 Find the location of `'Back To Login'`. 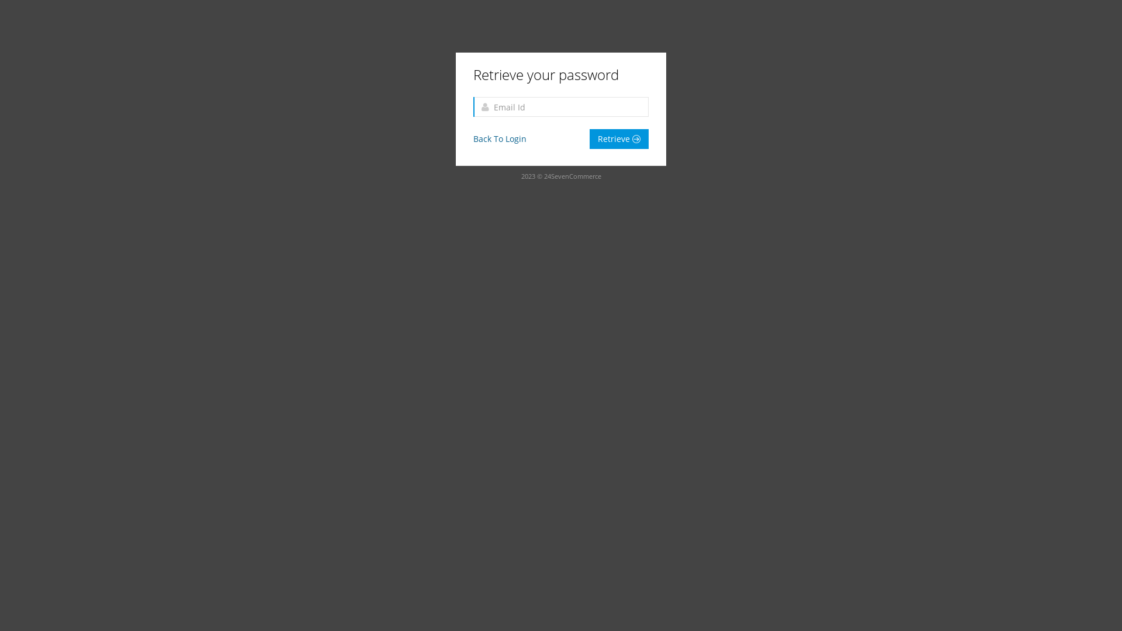

'Back To Login' is located at coordinates (473, 138).